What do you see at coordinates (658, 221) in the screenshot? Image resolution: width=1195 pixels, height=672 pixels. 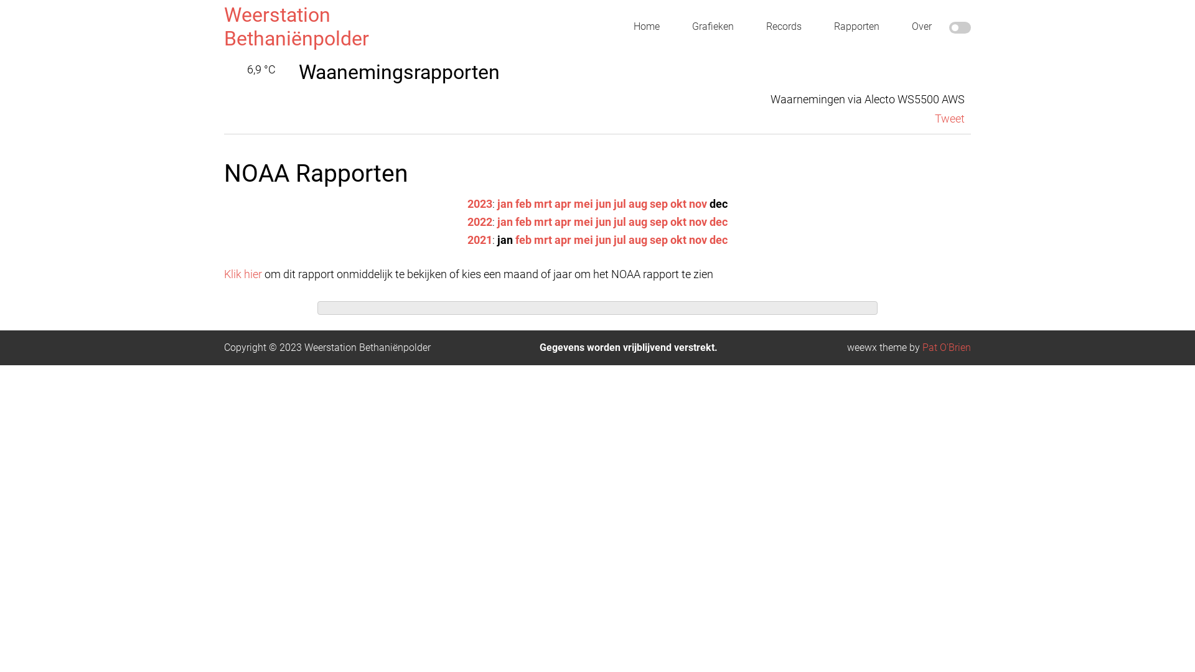 I see `'sep'` at bounding box center [658, 221].